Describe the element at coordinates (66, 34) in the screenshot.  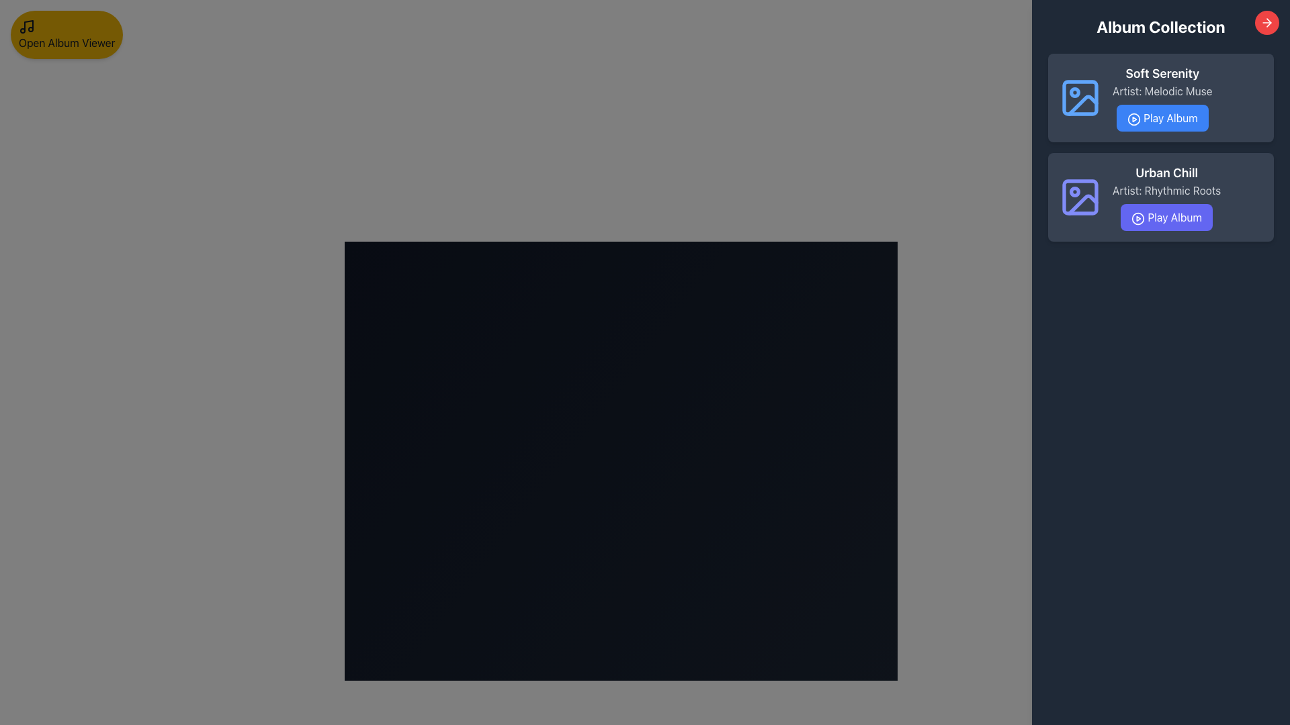
I see `the oval-shaped yellow button with a black musical note icon and the text 'Open Album Viewer'` at that location.